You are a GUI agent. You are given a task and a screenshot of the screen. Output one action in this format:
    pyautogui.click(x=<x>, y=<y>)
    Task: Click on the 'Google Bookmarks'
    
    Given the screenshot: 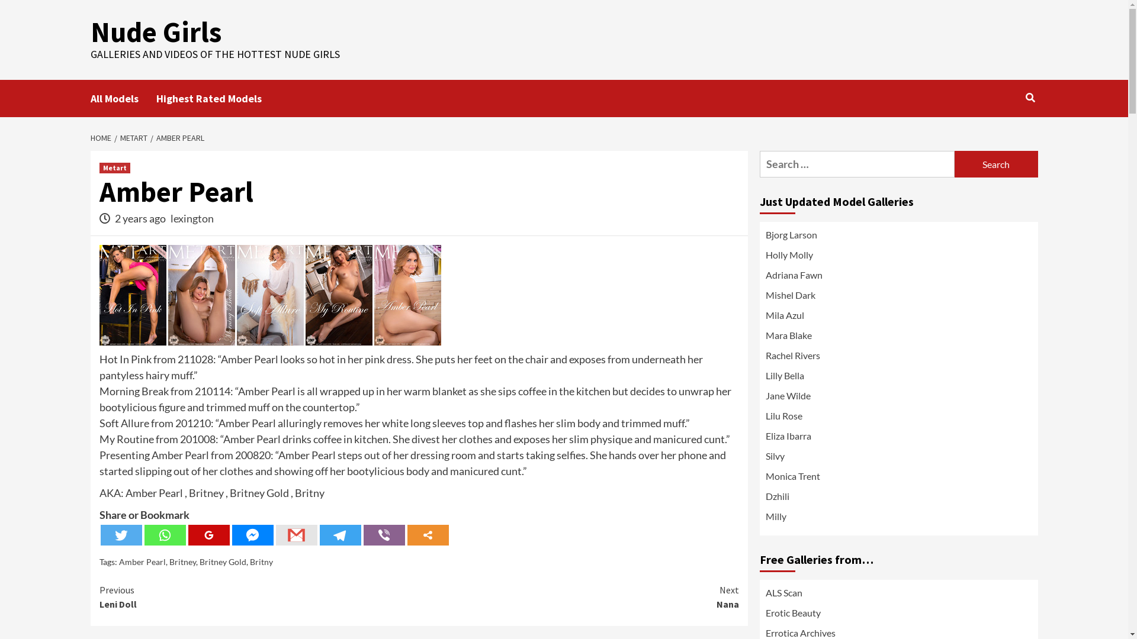 What is the action you would take?
    pyautogui.click(x=209, y=535)
    